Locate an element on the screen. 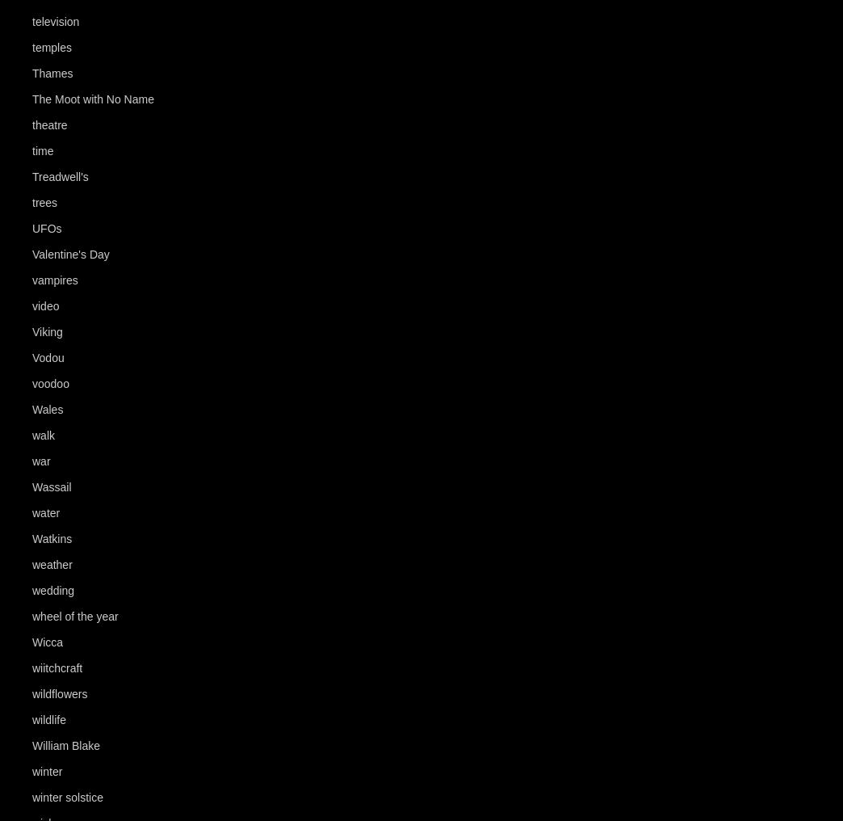 This screenshot has width=843, height=821. 'The Moot with No Name' is located at coordinates (31, 99).